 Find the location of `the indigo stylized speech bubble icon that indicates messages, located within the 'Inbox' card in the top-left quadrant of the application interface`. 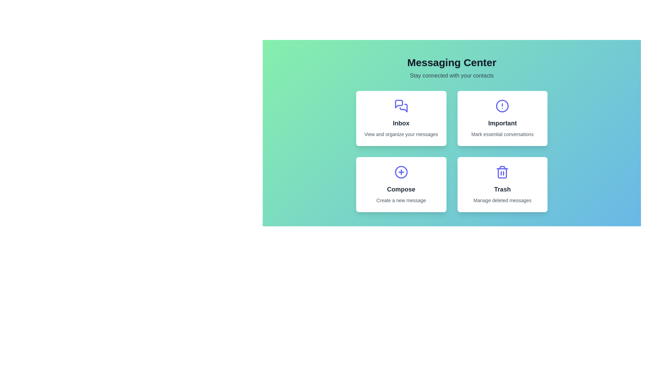

the indigo stylized speech bubble icon that indicates messages, located within the 'Inbox' card in the top-left quadrant of the application interface is located at coordinates (399, 104).